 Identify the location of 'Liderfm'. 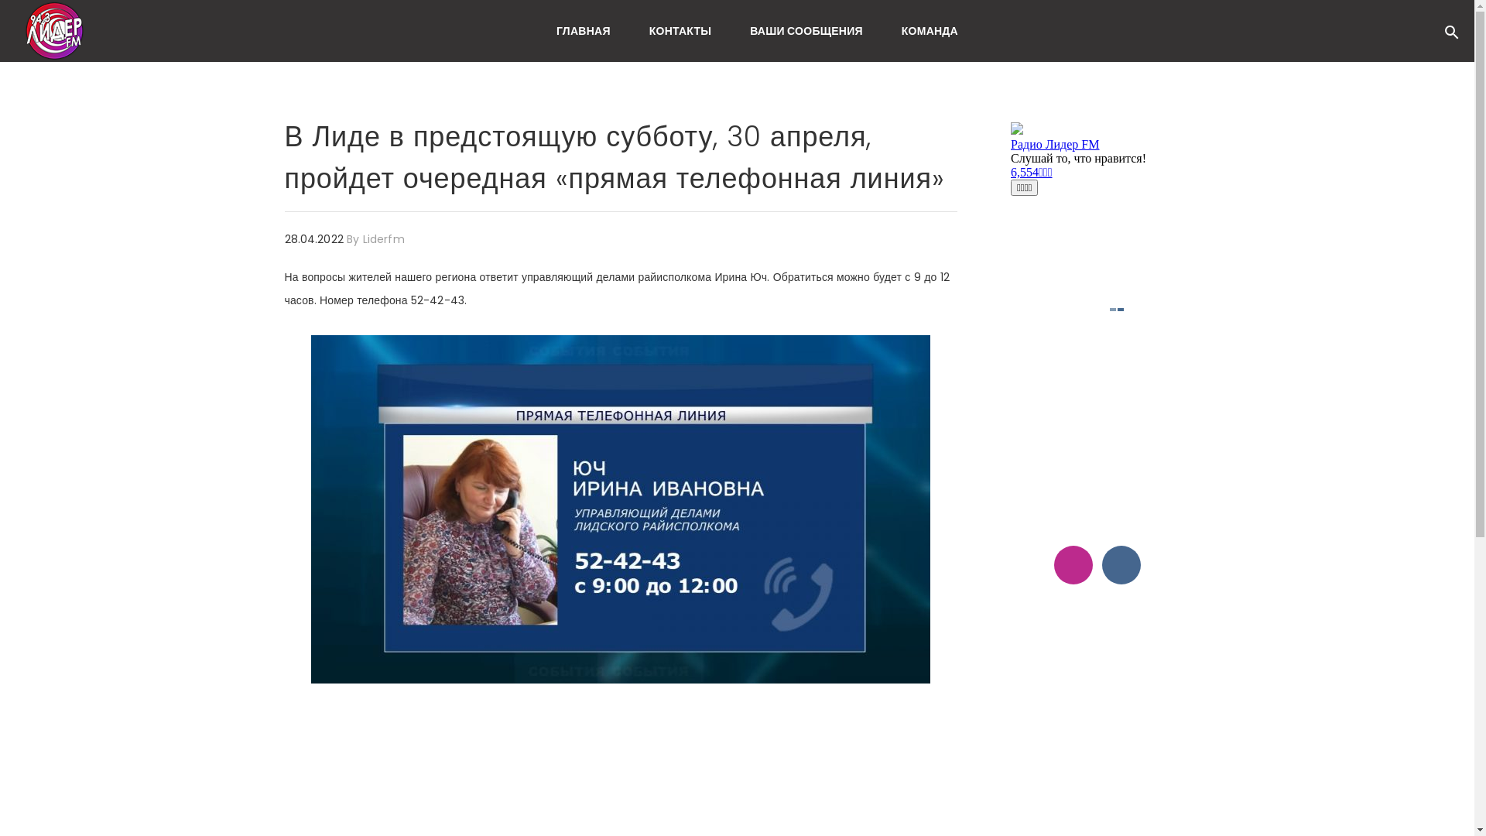
(383, 238).